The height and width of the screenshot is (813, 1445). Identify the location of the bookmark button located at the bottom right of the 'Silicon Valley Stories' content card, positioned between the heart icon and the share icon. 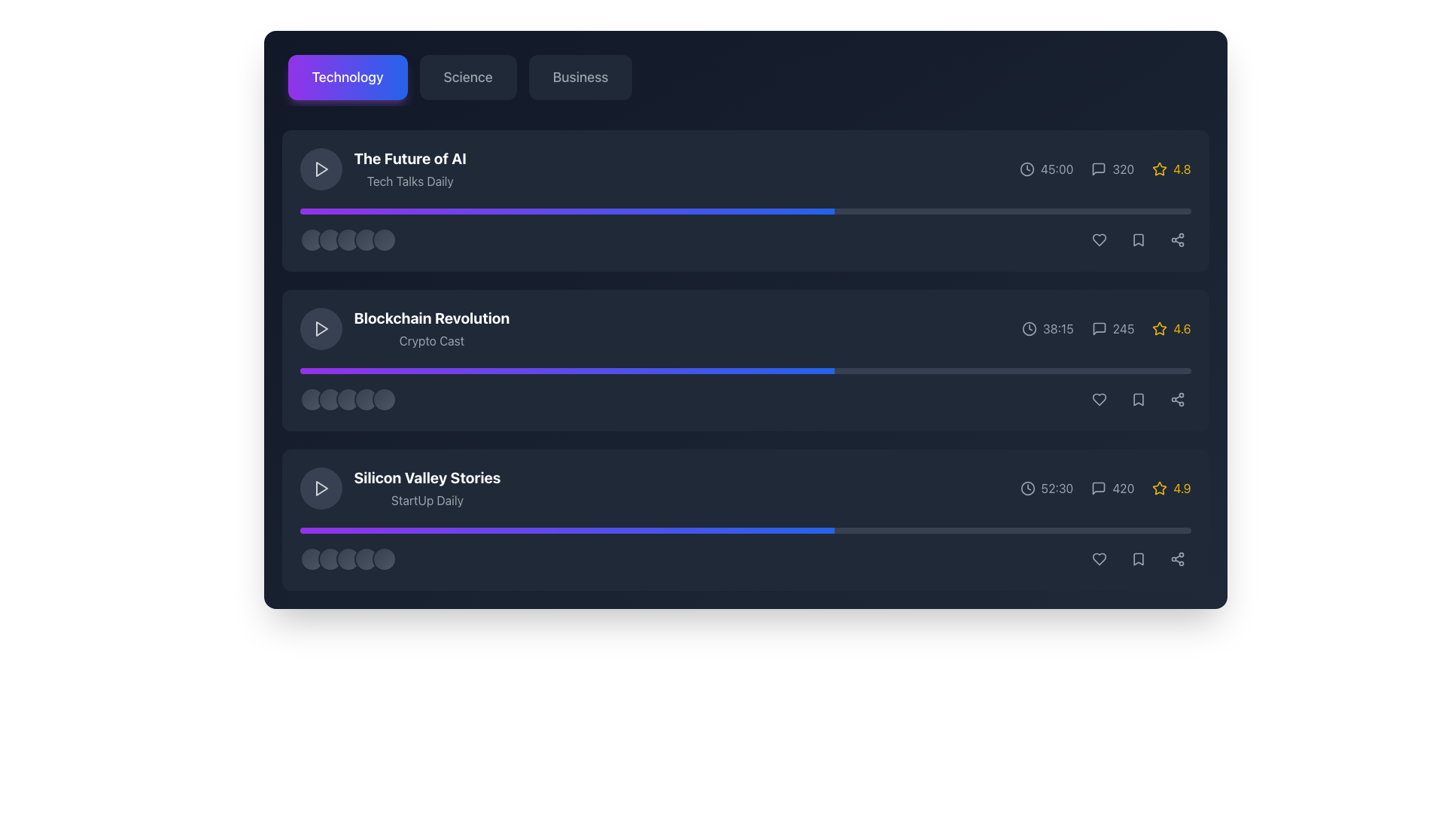
(1138, 559).